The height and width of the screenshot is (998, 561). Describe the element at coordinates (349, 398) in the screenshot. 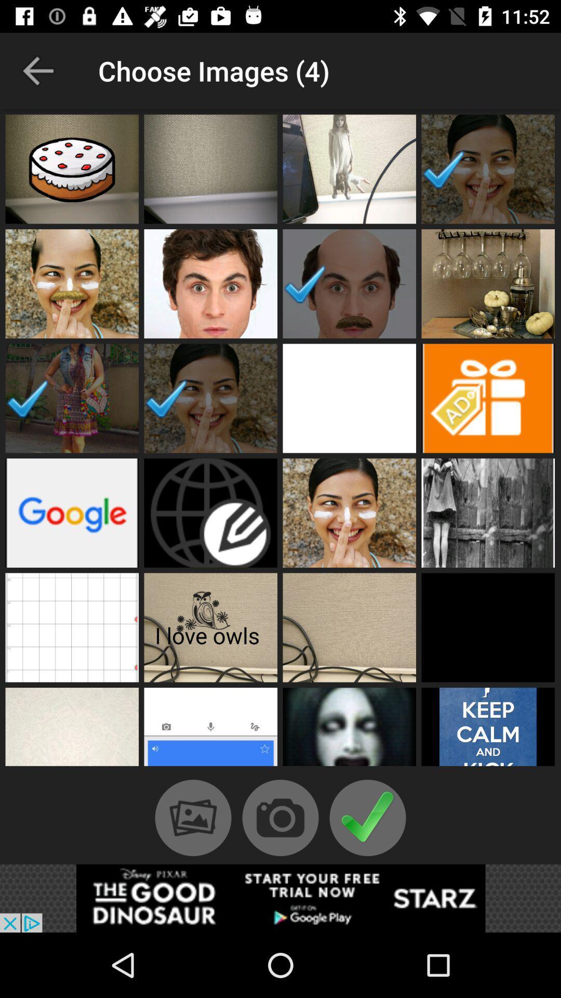

I see `choose image` at that location.